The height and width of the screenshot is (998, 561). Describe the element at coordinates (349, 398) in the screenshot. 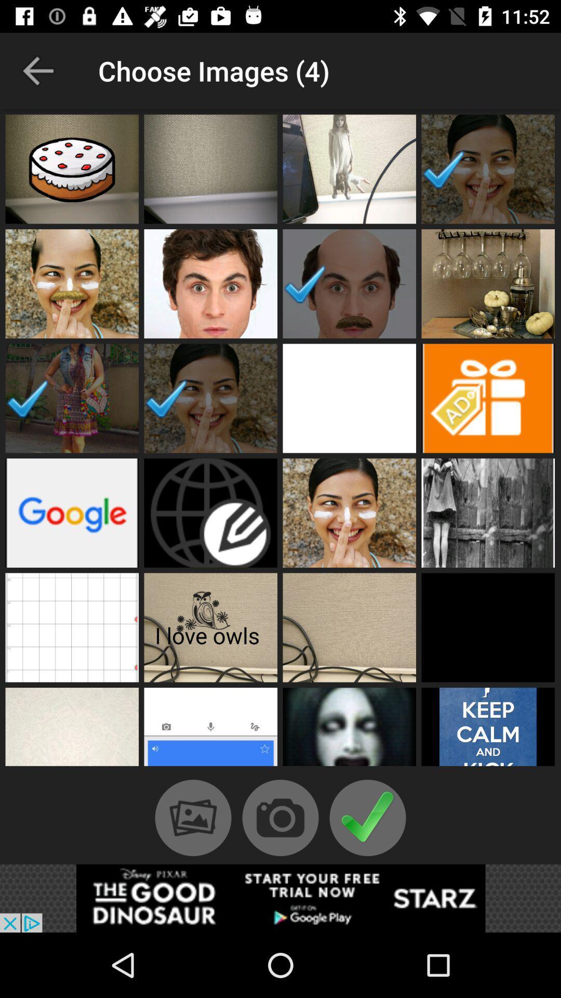

I see `choose image` at that location.